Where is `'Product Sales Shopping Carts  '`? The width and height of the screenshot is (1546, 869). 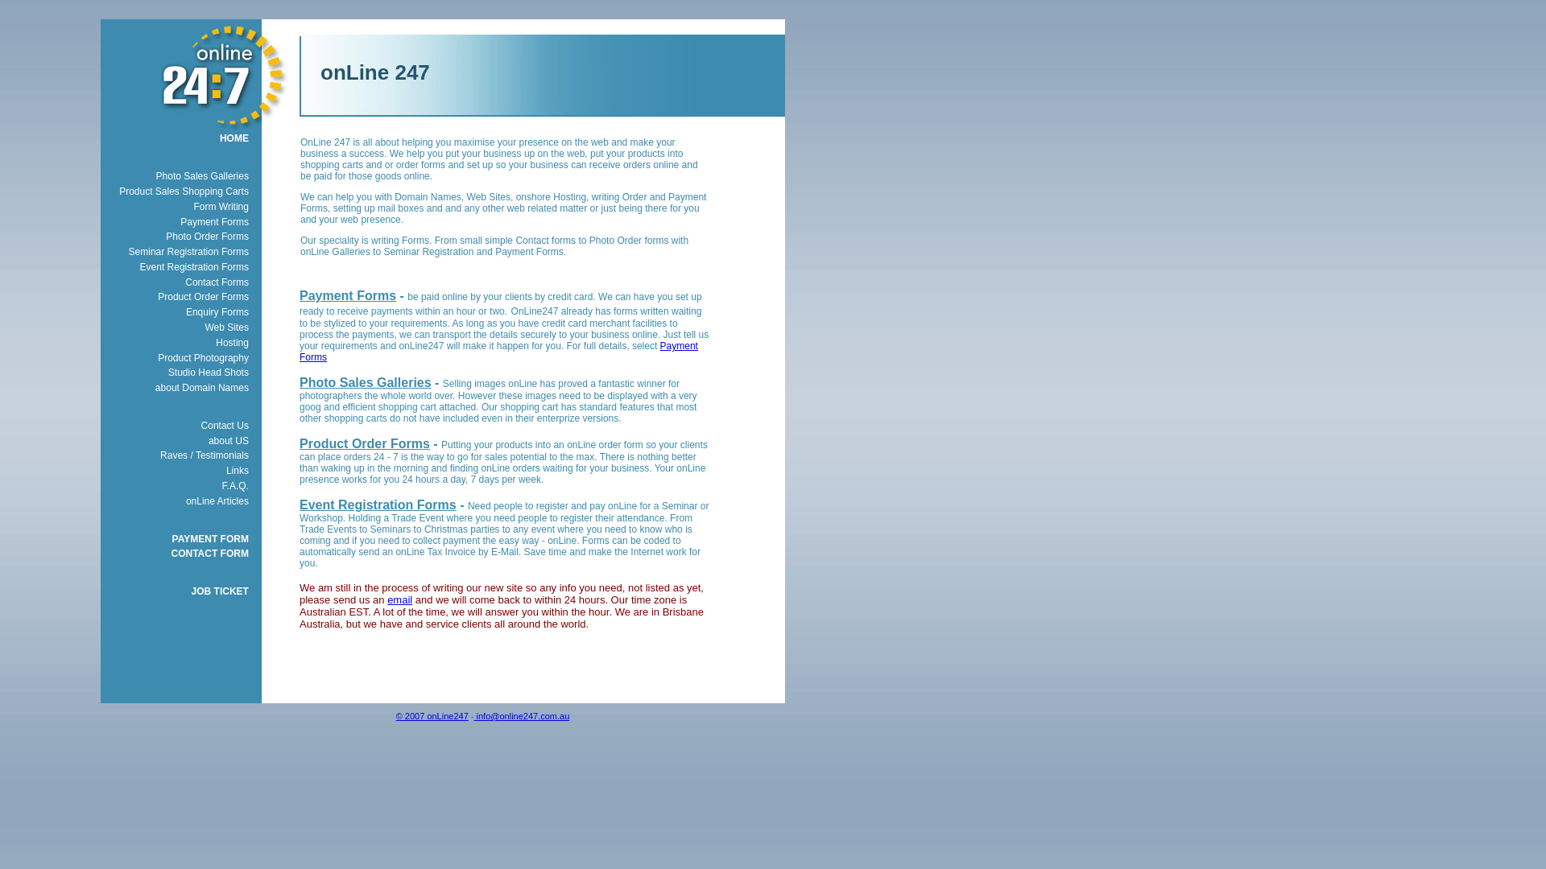 'Product Sales Shopping Carts  ' is located at coordinates (91, 191).